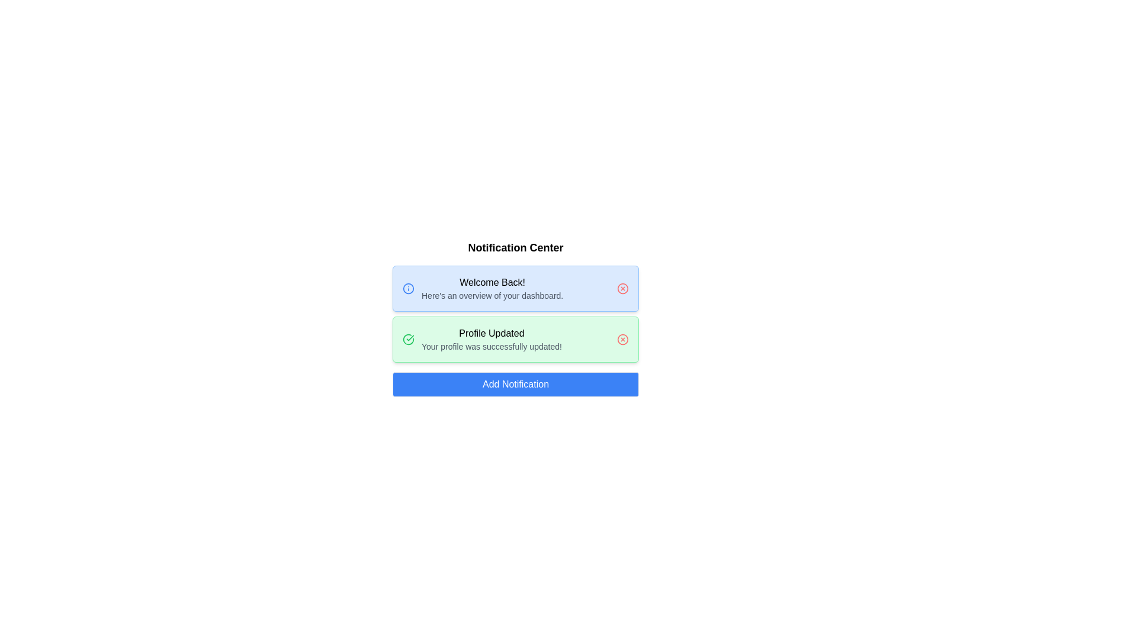 This screenshot has width=1137, height=639. Describe the element at coordinates (622, 340) in the screenshot. I see `the circular border icon of the cross inside a circle located at the top-right corner of the 'Profile Updated' notification card with a light green background` at that location.